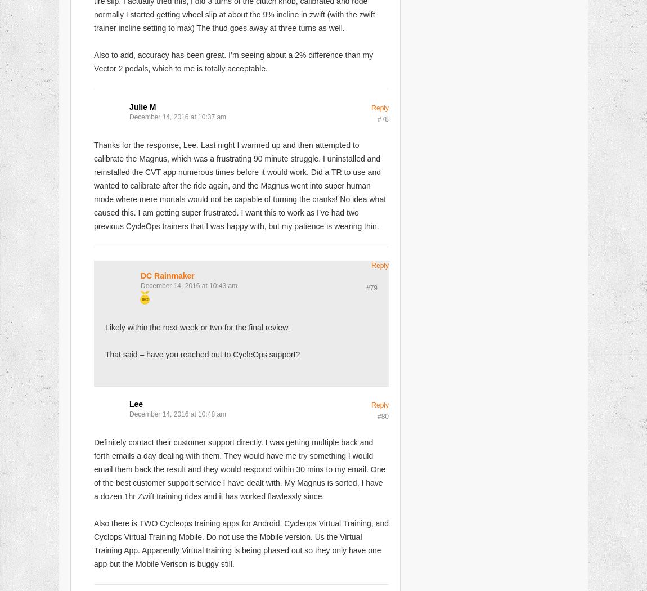 This screenshot has height=591, width=647. Describe the element at coordinates (240, 185) in the screenshot. I see `'Thanks for the response, Lee. Last night I warmed up and then attempted to calibrate the Magnus, which was a frustrating 90 minute struggle. I uninstalled and reinstalled the CVT app numerous times before it would work. Did a TR to use and wanted to calibrate after the ride again, and the Magnus went into super human mode where mere mortals would not be capable of turning the cranks! No idea what caused this. I am getting super frustrated. I want this to work as I’ve had two previous CycleOps trainers that I was happy with, but my patience is wearing thin.'` at that location.